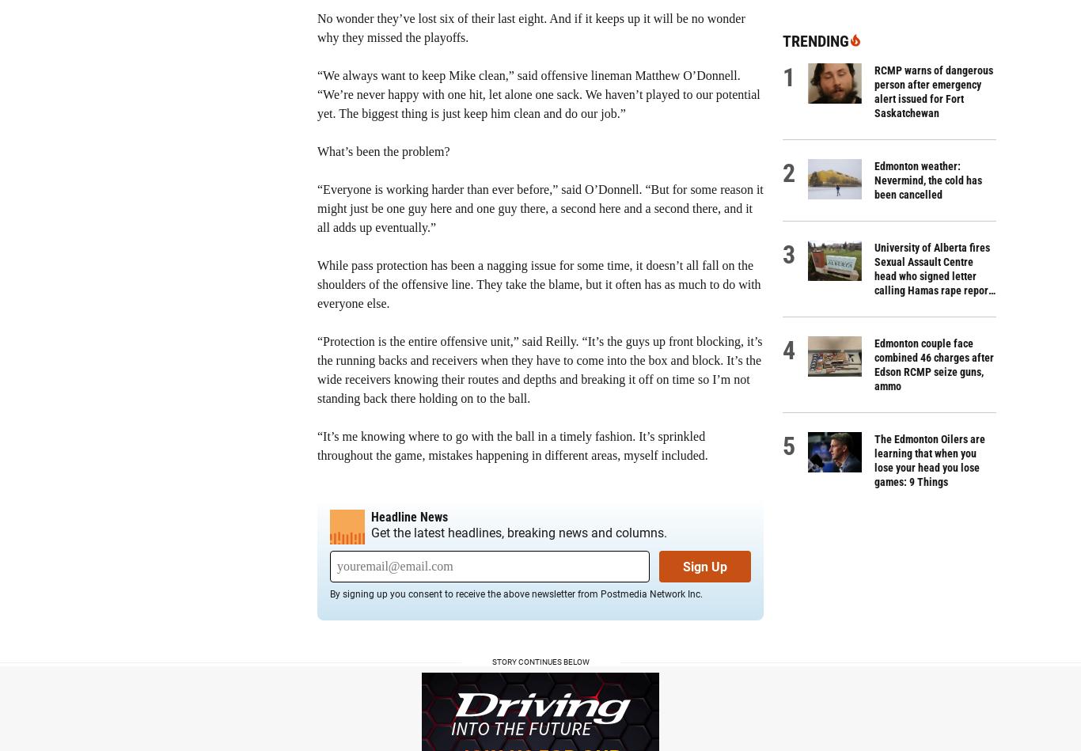 Image resolution: width=1081 pixels, height=751 pixels. Describe the element at coordinates (409, 517) in the screenshot. I see `'Headline News'` at that location.